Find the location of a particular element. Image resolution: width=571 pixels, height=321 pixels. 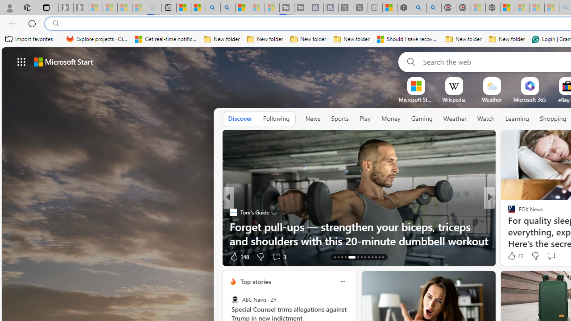

'AutomationID: tab-16' is located at coordinates (345, 257).